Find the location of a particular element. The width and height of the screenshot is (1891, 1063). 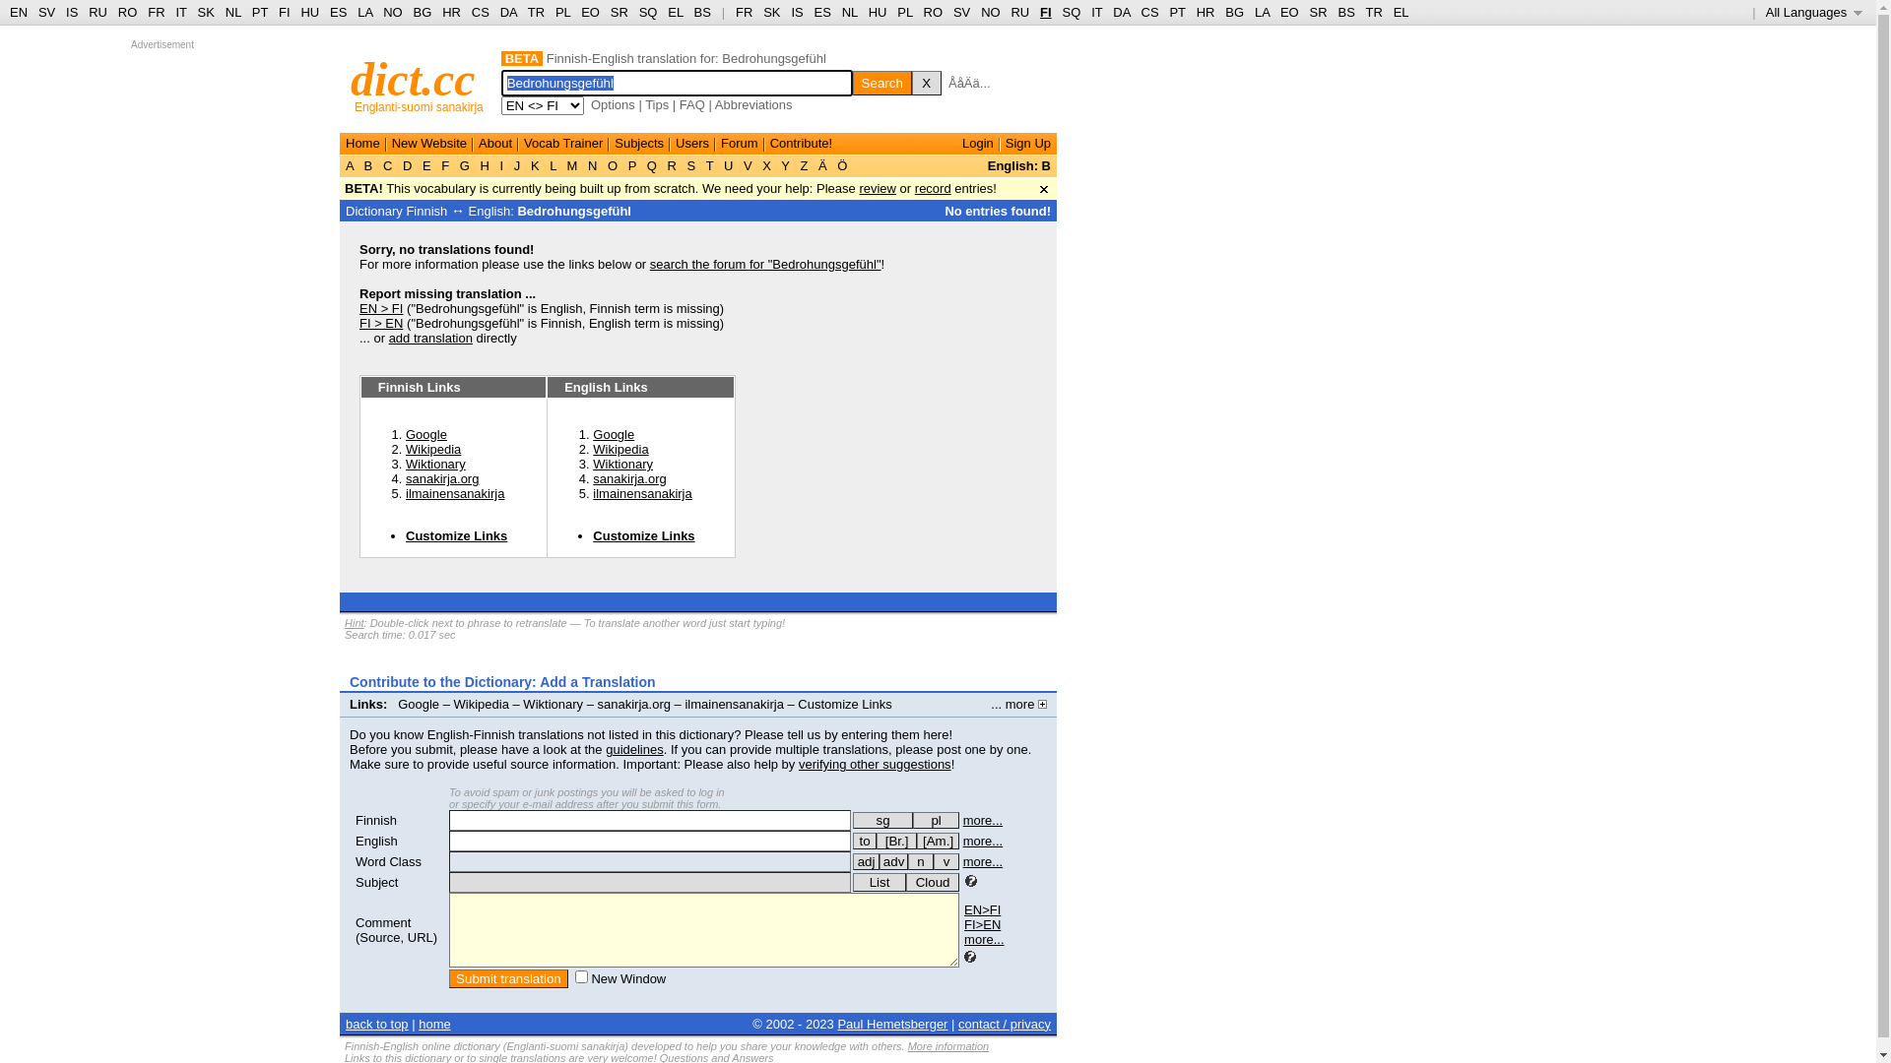

'sanakirja.org' is located at coordinates (627, 478).